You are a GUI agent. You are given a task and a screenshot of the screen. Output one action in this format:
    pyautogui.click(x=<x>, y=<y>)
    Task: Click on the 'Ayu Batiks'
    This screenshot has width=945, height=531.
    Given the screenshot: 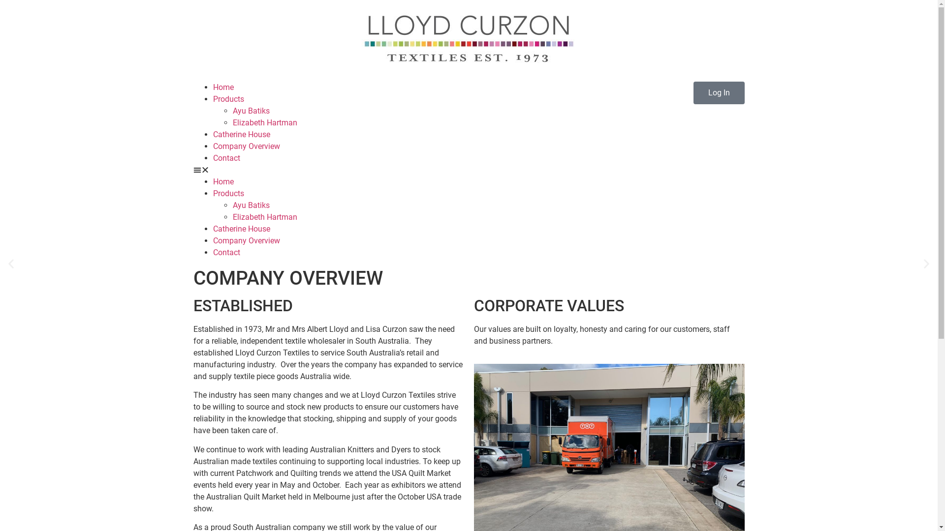 What is the action you would take?
    pyautogui.click(x=251, y=111)
    